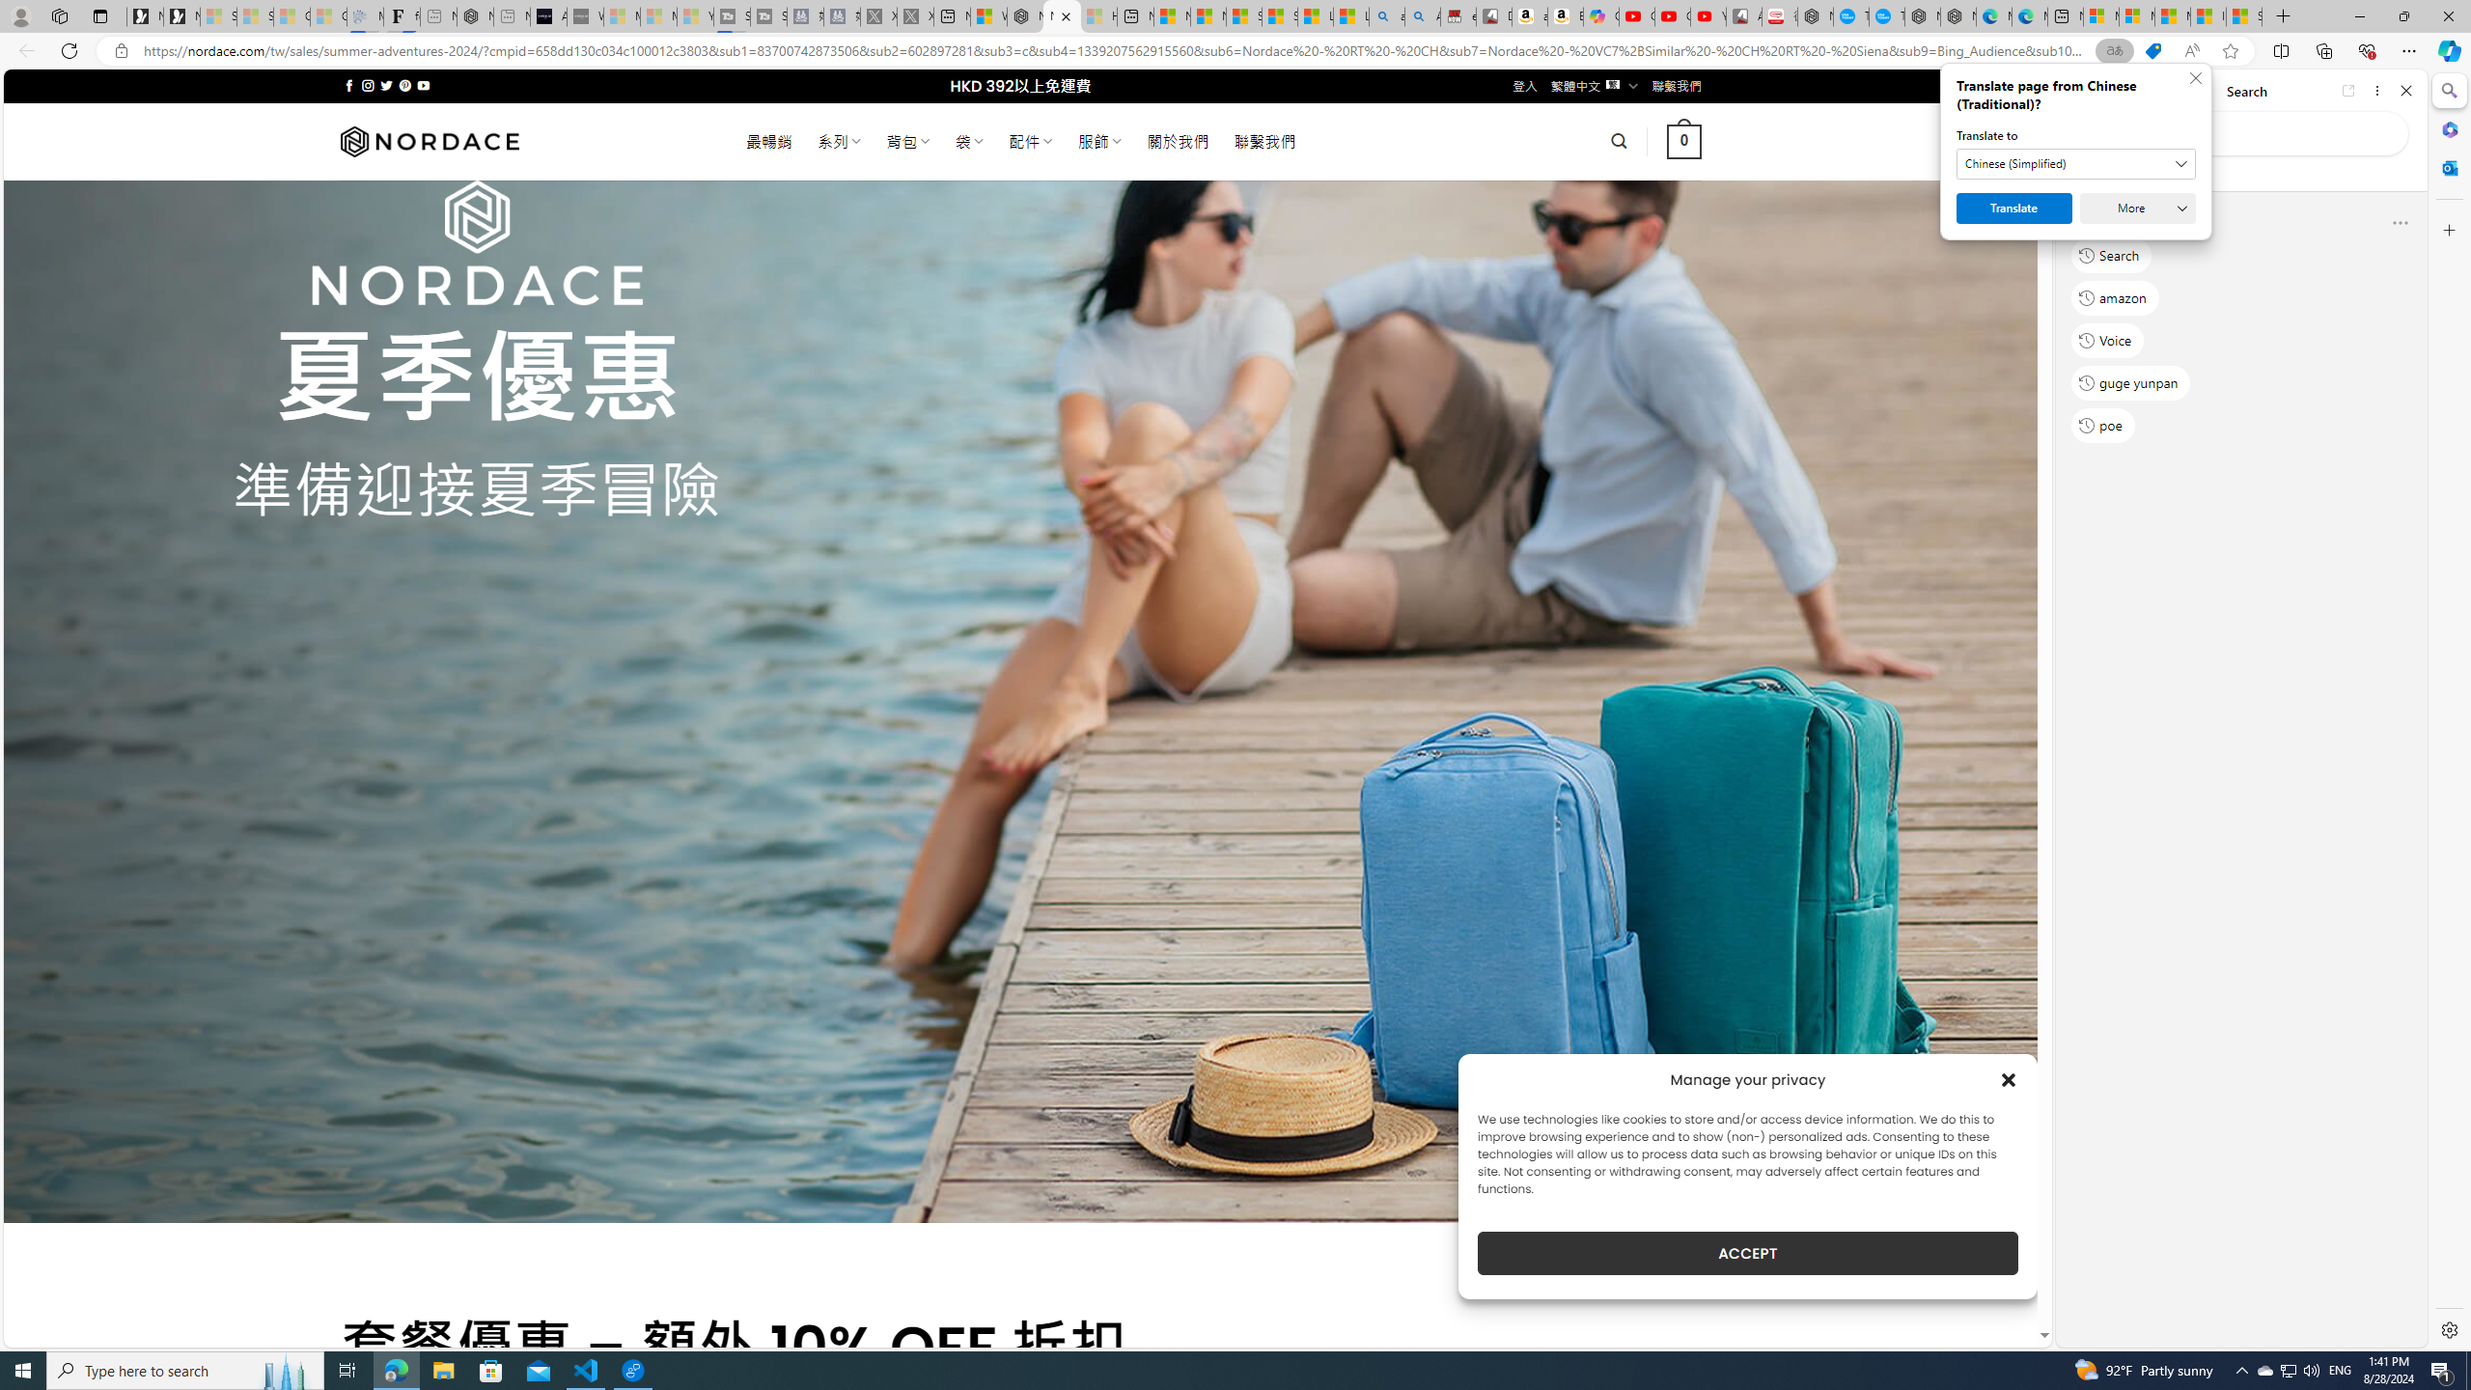 The image size is (2471, 1390). Describe the element at coordinates (1814, 15) in the screenshot. I see `'Nordace - My Account'` at that location.